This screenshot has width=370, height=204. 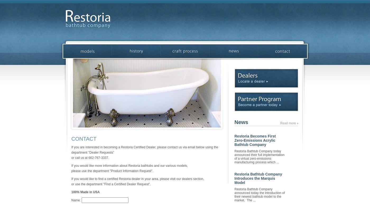 What do you see at coordinates (234, 178) in the screenshot?
I see `'Restoria Bathtub Company Introduces the Marquis Model'` at bounding box center [234, 178].